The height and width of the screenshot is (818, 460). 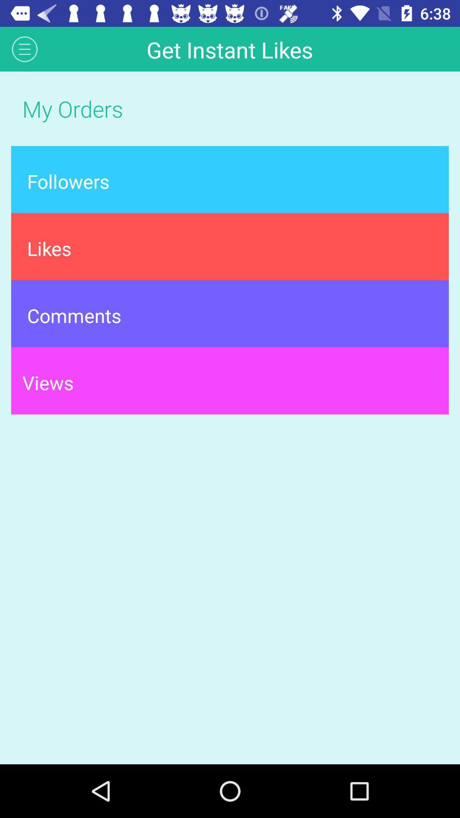 What do you see at coordinates (230, 179) in the screenshot?
I see `the  followers` at bounding box center [230, 179].